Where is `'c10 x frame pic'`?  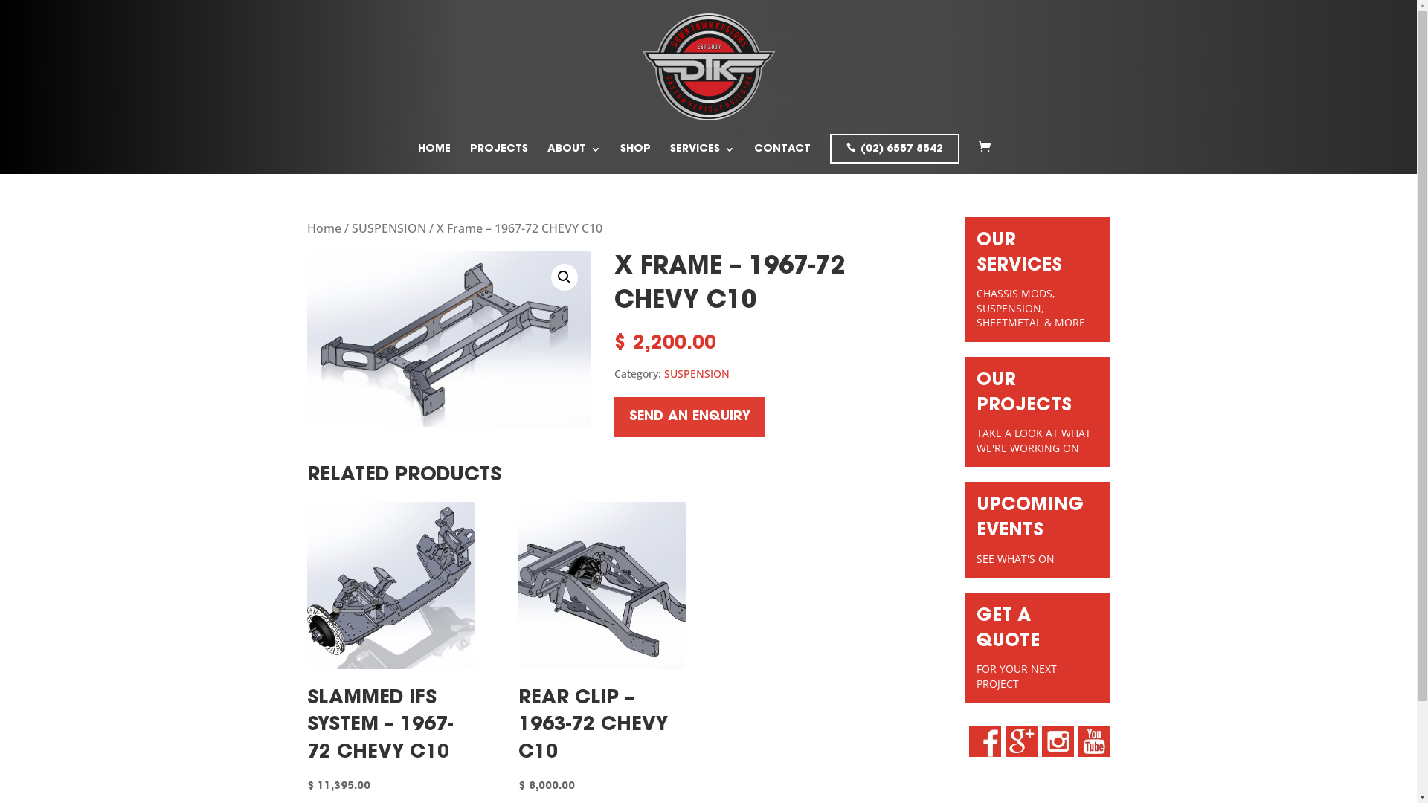 'c10 x frame pic' is located at coordinates (448, 338).